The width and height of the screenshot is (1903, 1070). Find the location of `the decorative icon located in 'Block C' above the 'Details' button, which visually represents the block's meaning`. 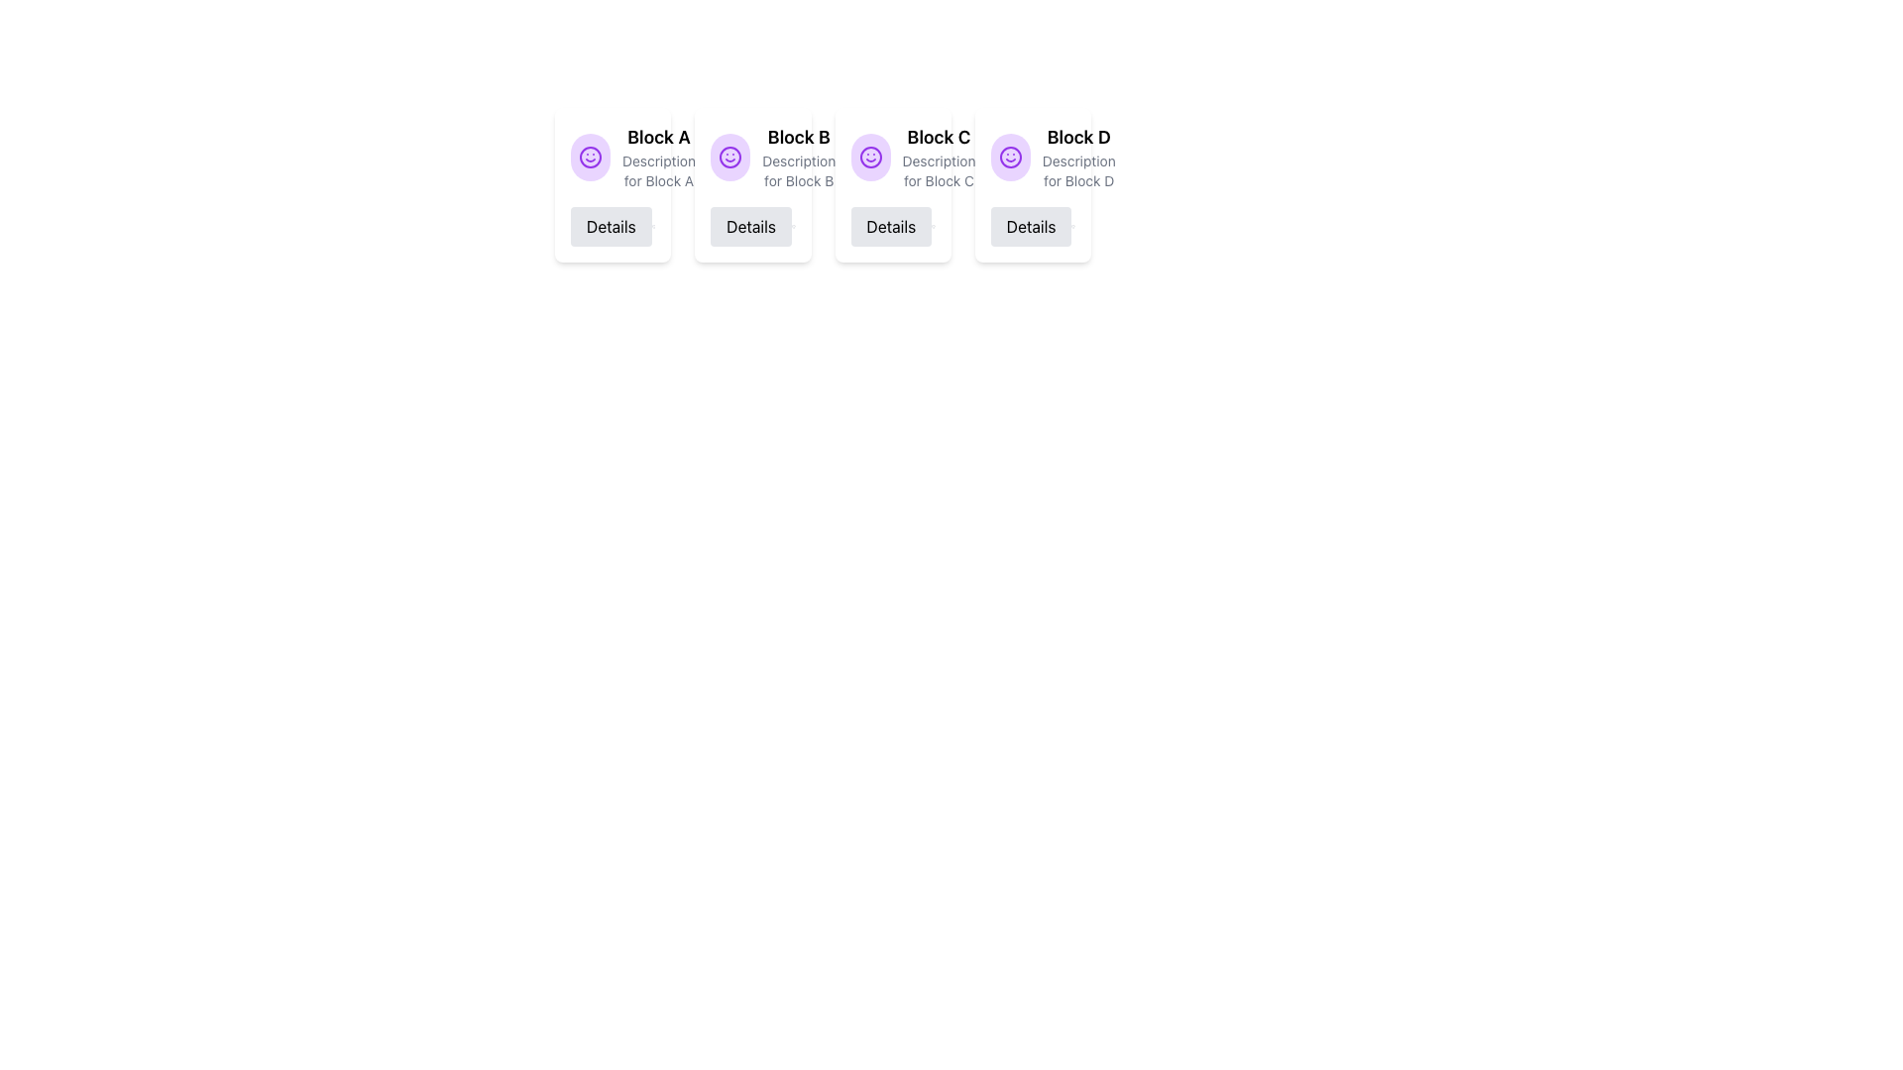

the decorative icon located in 'Block C' above the 'Details' button, which visually represents the block's meaning is located at coordinates (870, 156).